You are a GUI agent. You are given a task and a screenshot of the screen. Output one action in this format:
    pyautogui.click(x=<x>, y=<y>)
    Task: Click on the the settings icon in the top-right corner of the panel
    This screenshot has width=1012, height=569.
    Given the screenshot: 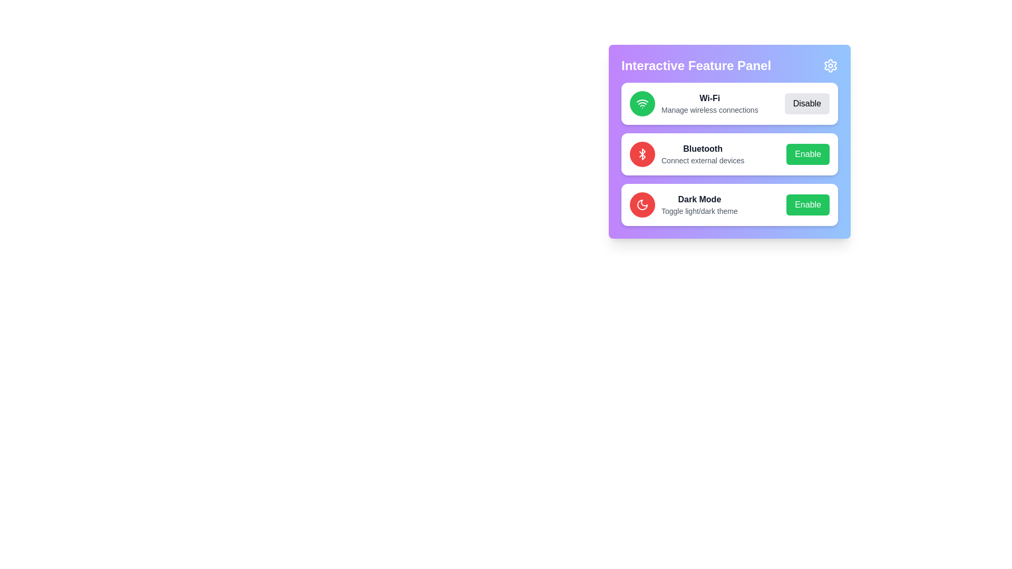 What is the action you would take?
    pyautogui.click(x=830, y=65)
    